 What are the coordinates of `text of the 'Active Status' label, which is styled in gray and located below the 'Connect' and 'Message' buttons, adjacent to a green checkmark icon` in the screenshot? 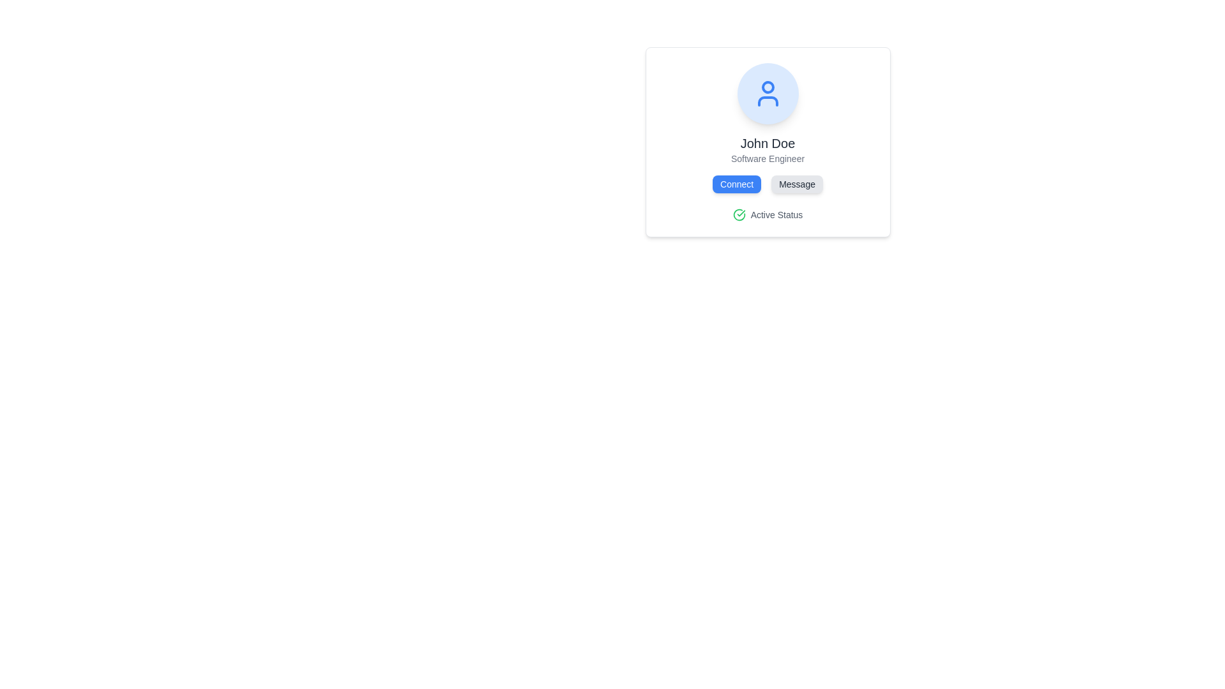 It's located at (776, 214).